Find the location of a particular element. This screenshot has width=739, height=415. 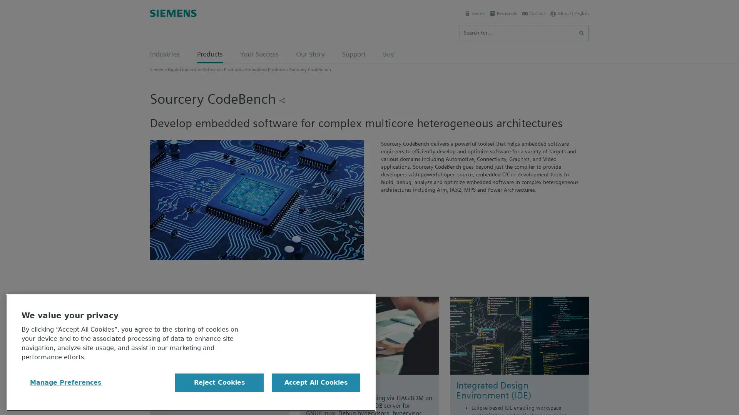

Accept All Cookies is located at coordinates (316, 382).